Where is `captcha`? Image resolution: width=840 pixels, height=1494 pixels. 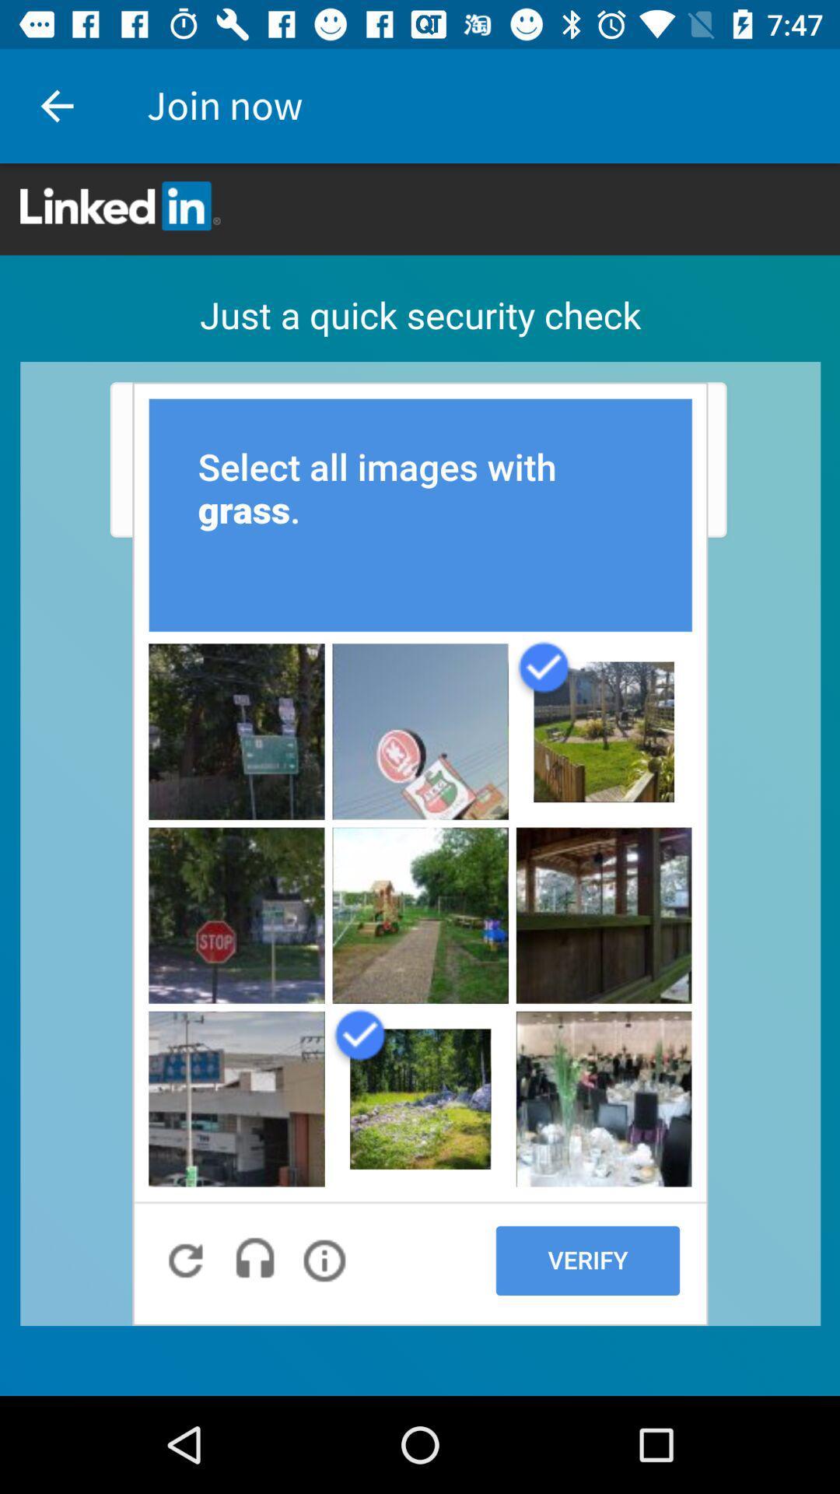
captcha is located at coordinates (420, 780).